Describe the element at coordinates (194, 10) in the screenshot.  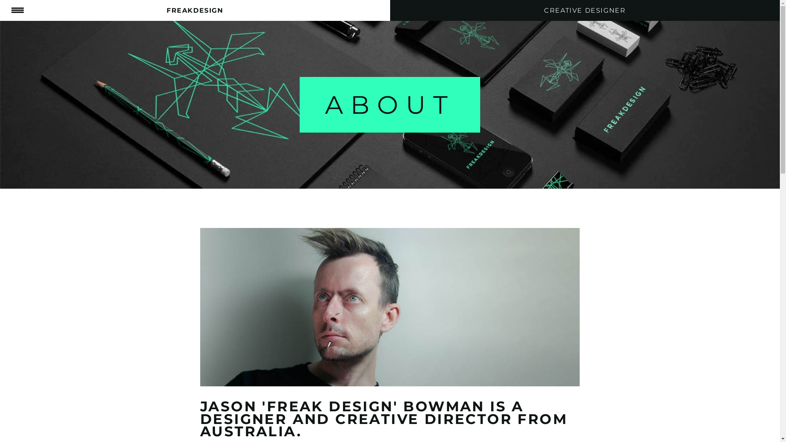
I see `'FREAKDESIGN'` at that location.